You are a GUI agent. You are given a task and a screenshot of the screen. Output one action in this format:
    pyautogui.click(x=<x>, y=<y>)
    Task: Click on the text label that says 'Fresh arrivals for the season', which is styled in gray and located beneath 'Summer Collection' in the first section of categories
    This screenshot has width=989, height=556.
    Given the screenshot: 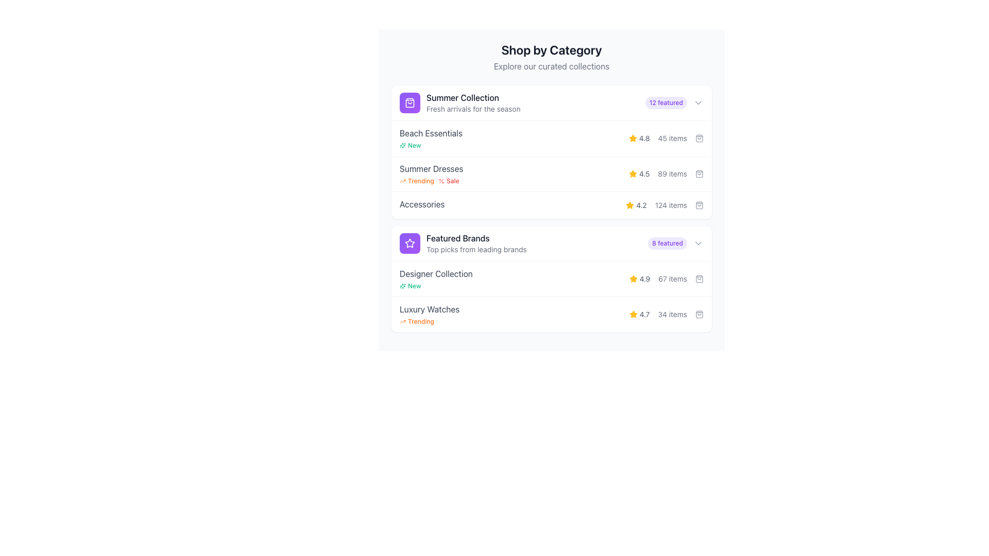 What is the action you would take?
    pyautogui.click(x=473, y=109)
    